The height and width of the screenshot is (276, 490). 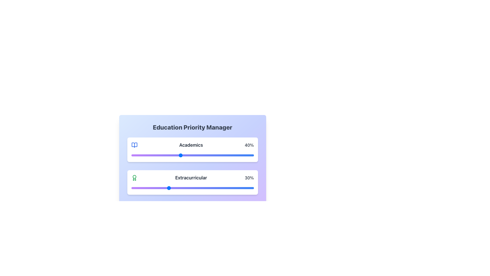 What do you see at coordinates (175, 155) in the screenshot?
I see `the slider value` at bounding box center [175, 155].